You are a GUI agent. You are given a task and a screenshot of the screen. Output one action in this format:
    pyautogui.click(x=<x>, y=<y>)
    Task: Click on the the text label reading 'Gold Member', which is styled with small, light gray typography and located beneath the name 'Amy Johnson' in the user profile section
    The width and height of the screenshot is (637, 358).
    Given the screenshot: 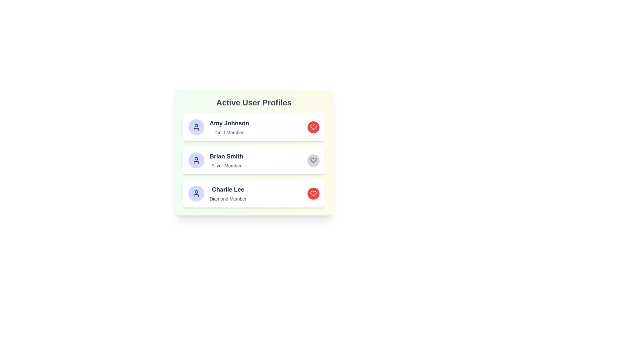 What is the action you would take?
    pyautogui.click(x=229, y=133)
    